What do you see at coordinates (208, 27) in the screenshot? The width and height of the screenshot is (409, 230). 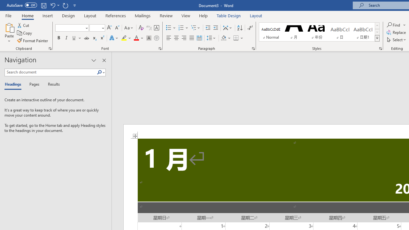 I see `'Decrease Indent'` at bounding box center [208, 27].